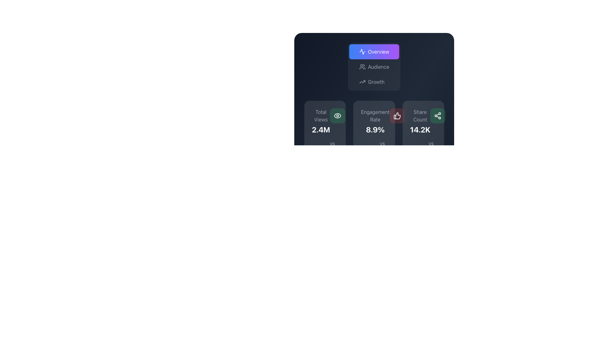 The width and height of the screenshot is (603, 339). I want to click on the 'Total Views' text label, which is displayed in gray above the numeric statistic '2.4M' in a card-style component on a dark-themed interface, so click(321, 116).